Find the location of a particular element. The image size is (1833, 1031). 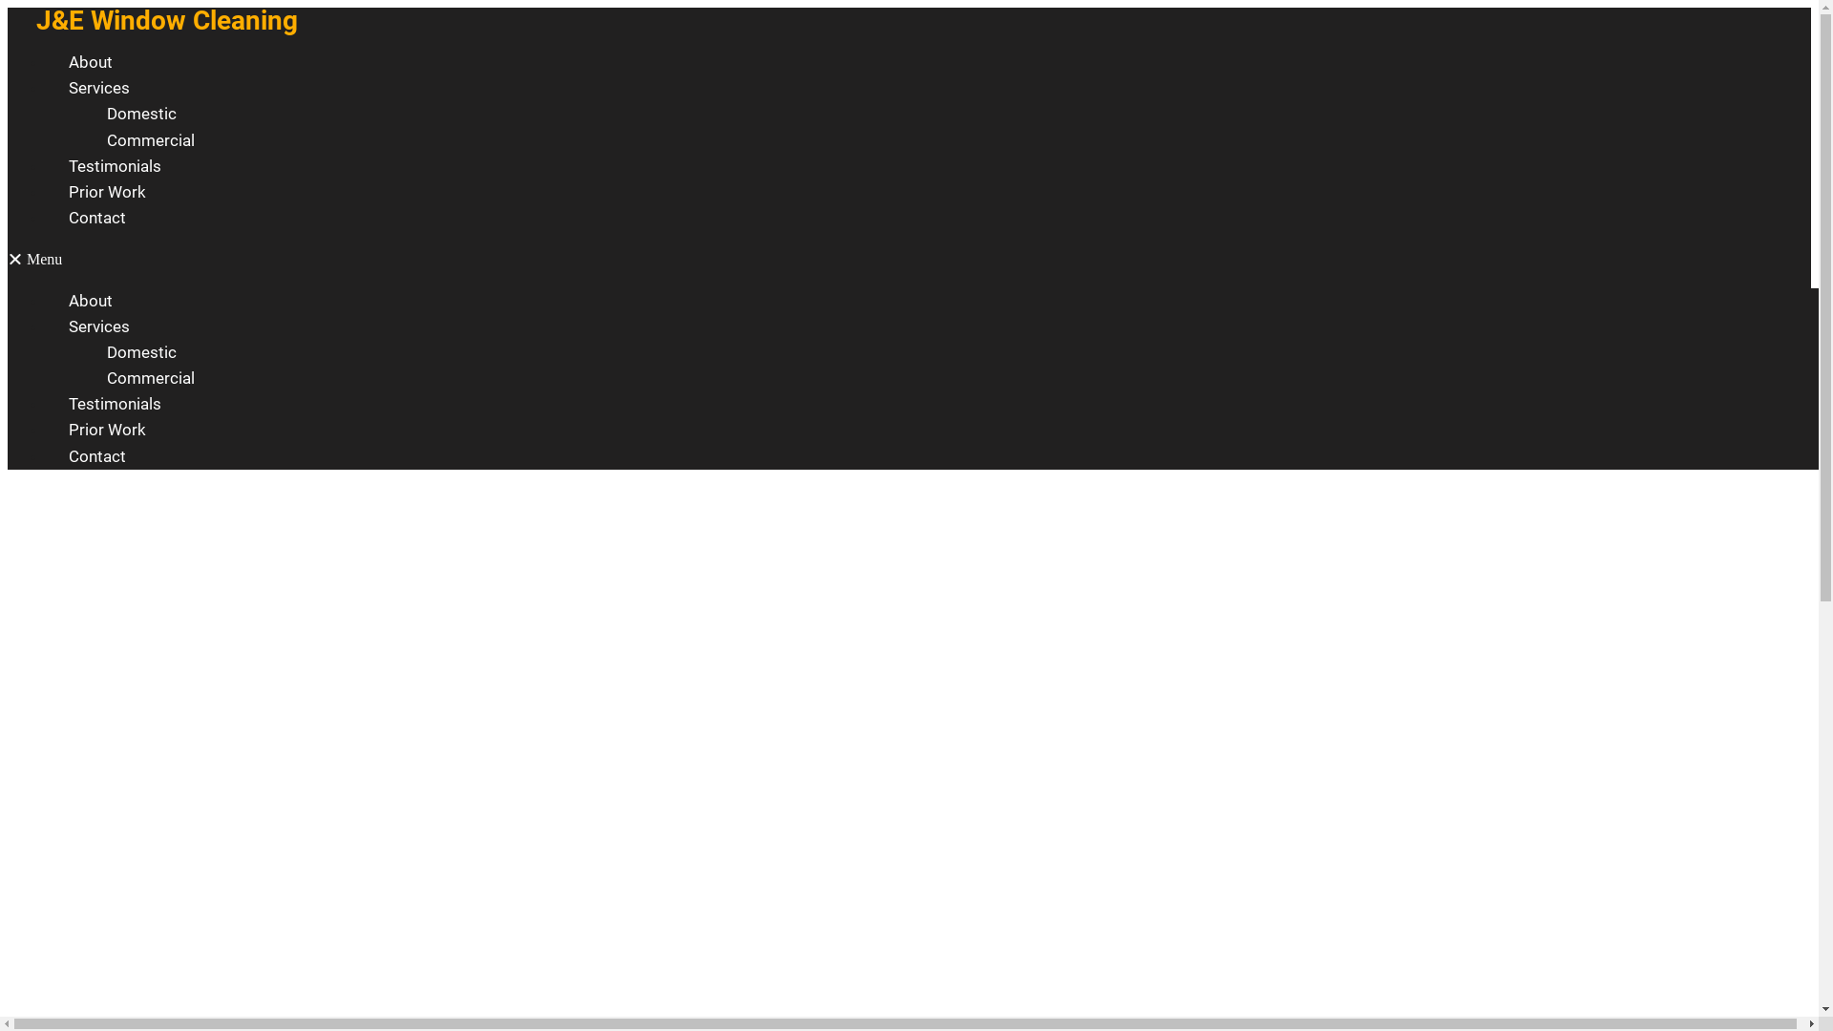

'Skip to content' is located at coordinates (7, 7).